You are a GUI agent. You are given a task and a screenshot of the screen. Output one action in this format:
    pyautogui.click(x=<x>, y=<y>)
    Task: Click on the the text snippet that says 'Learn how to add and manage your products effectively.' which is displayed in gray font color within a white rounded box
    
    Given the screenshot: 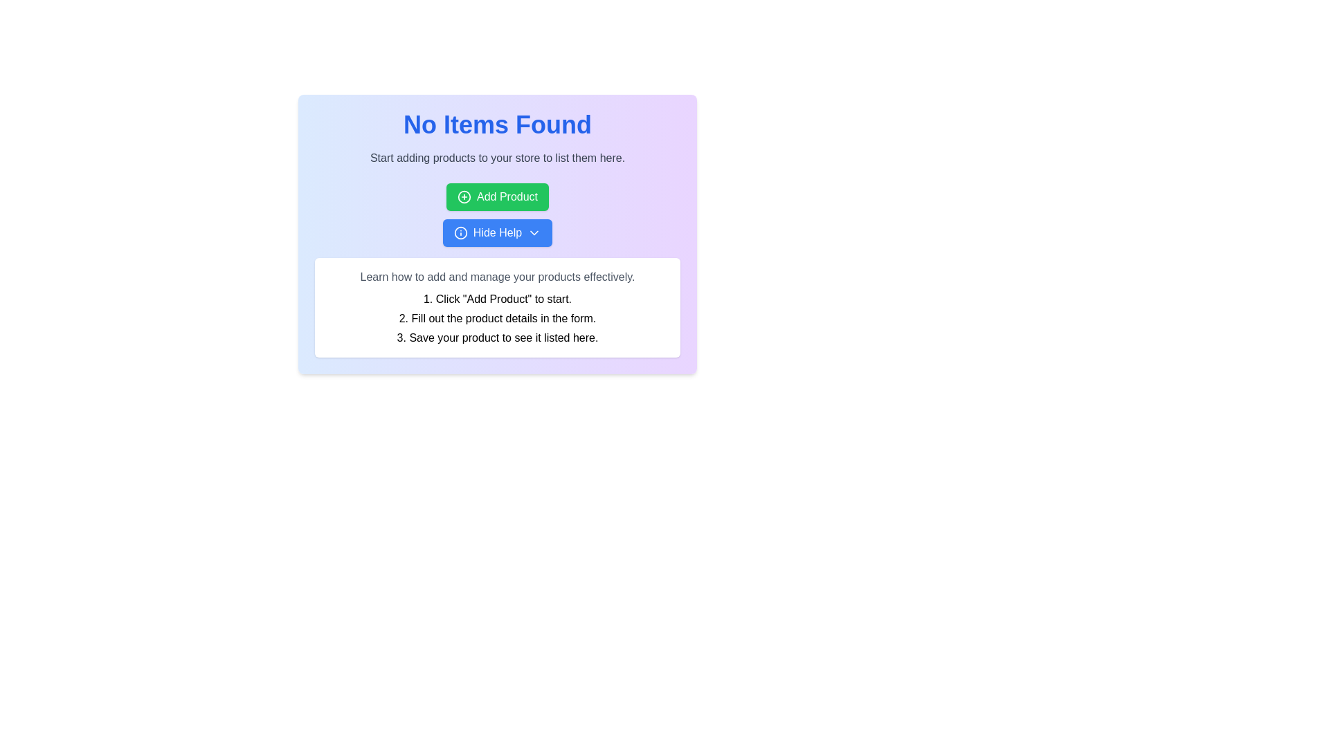 What is the action you would take?
    pyautogui.click(x=498, y=277)
    